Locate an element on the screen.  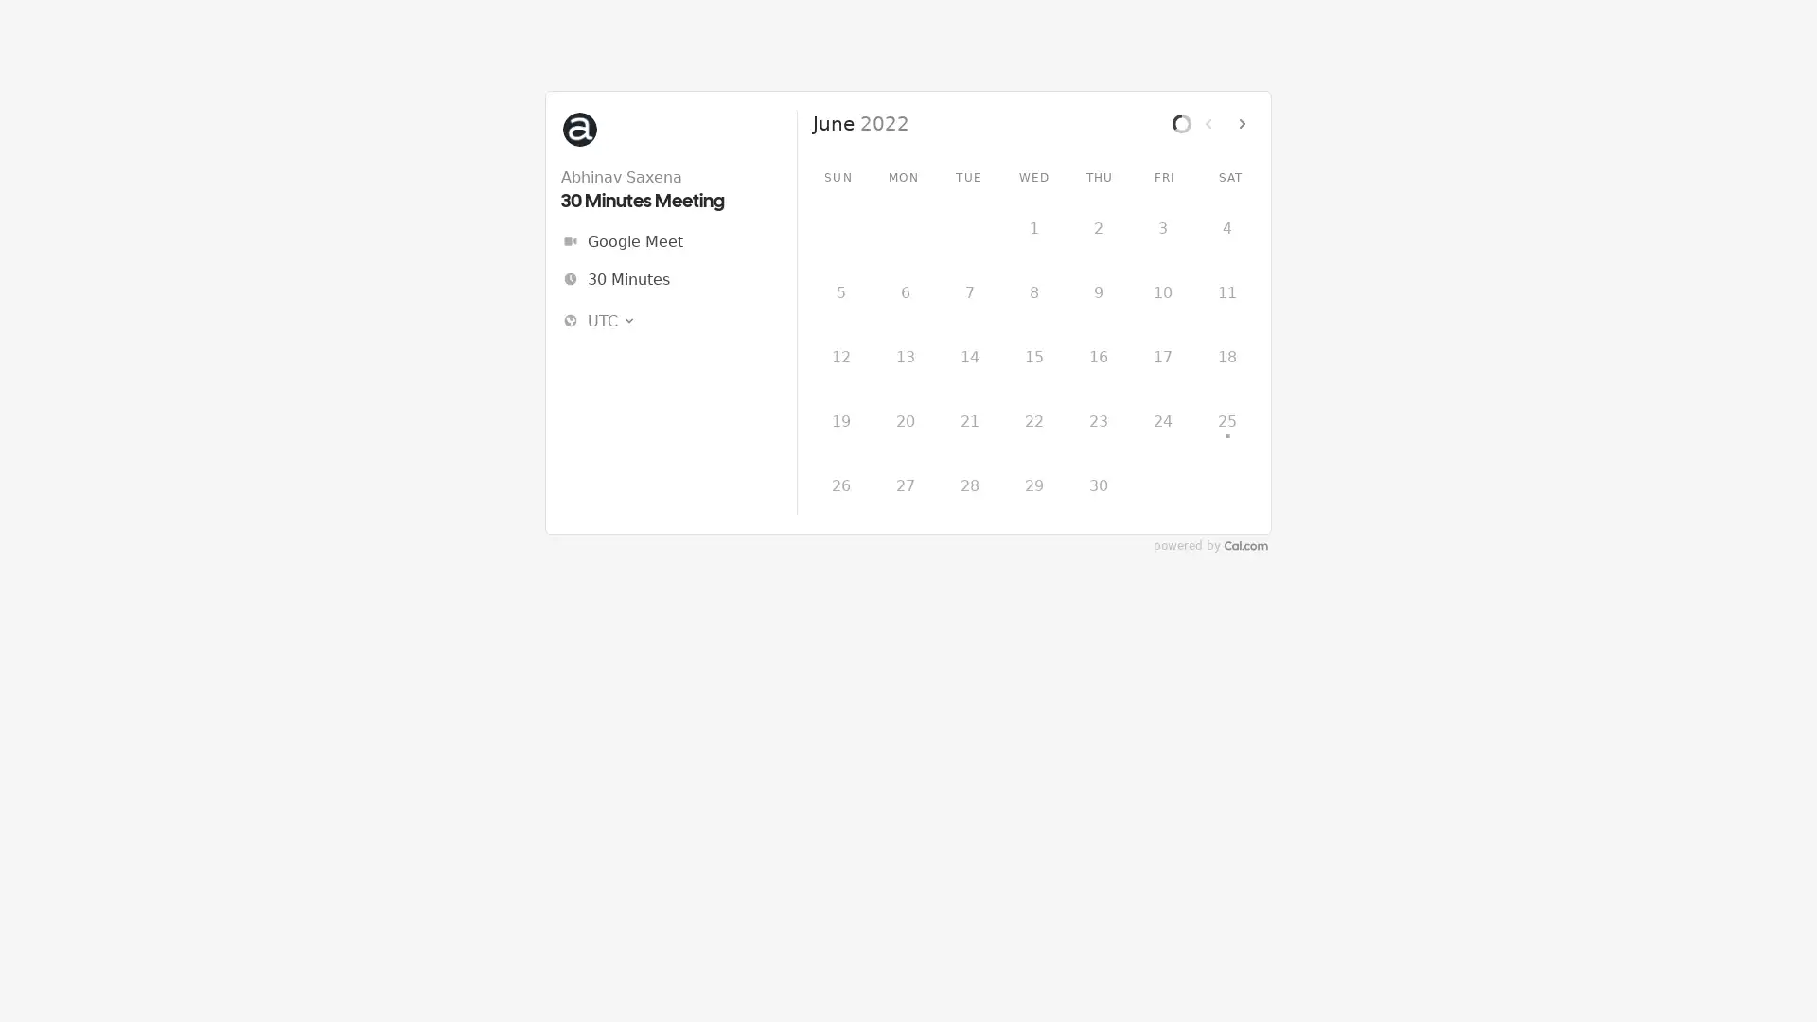
7 is located at coordinates (970, 291).